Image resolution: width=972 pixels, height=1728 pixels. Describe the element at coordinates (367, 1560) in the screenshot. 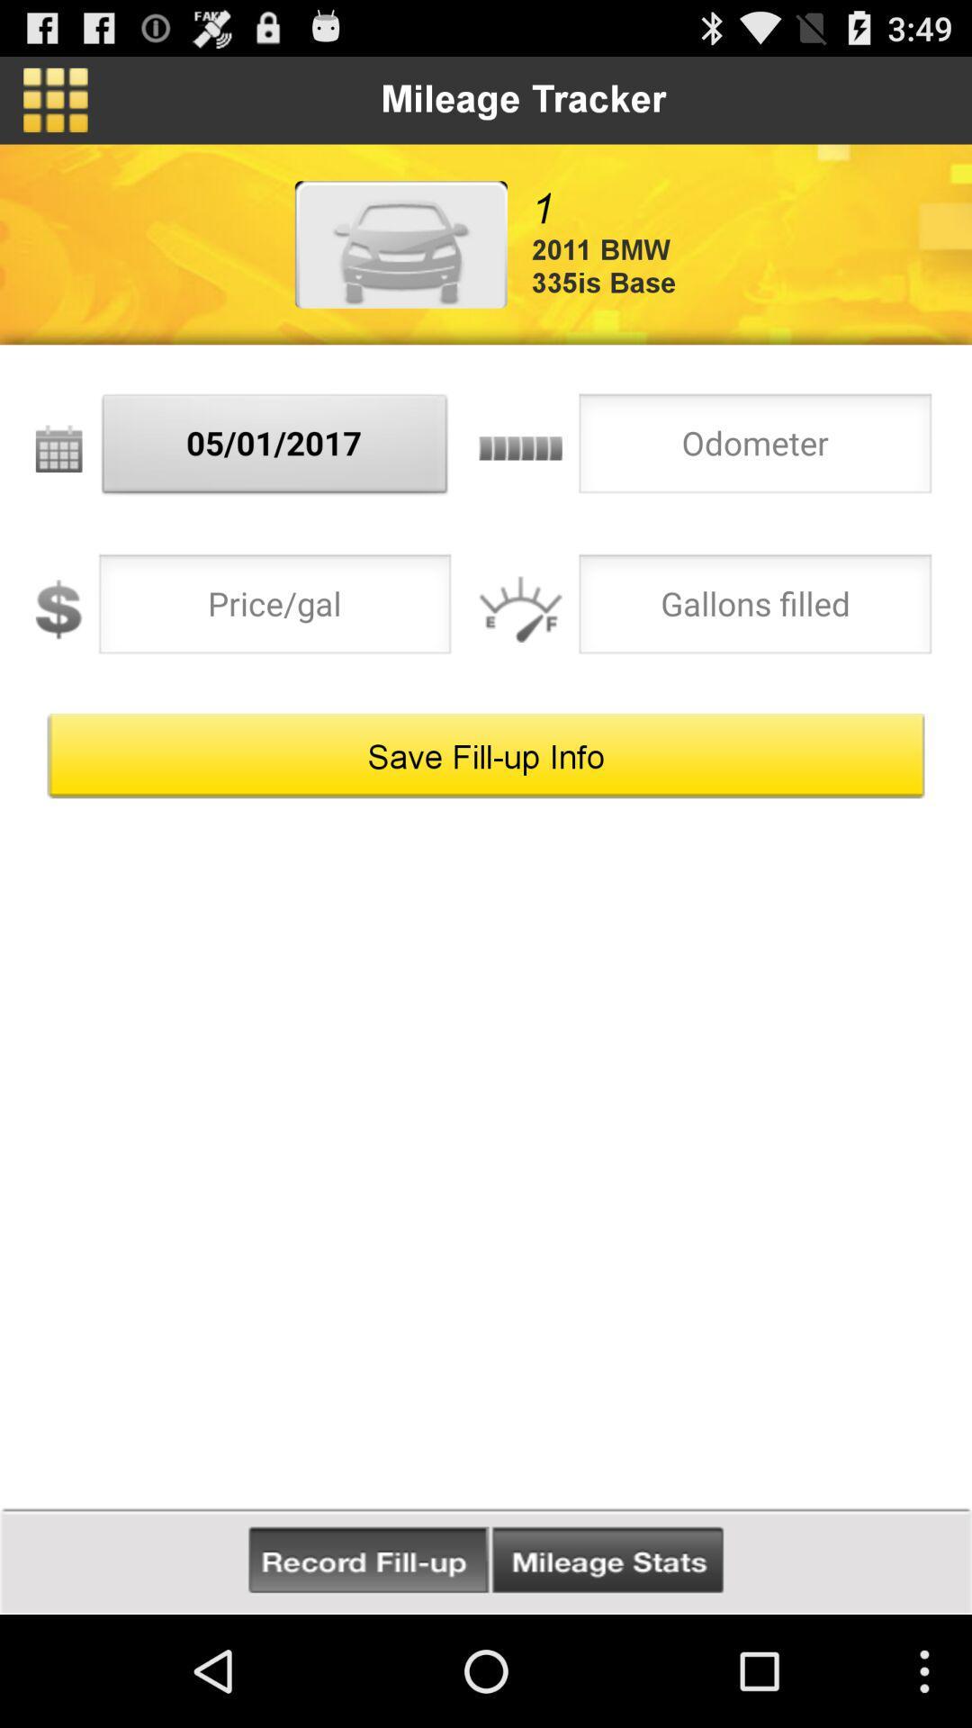

I see `record fill-up` at that location.